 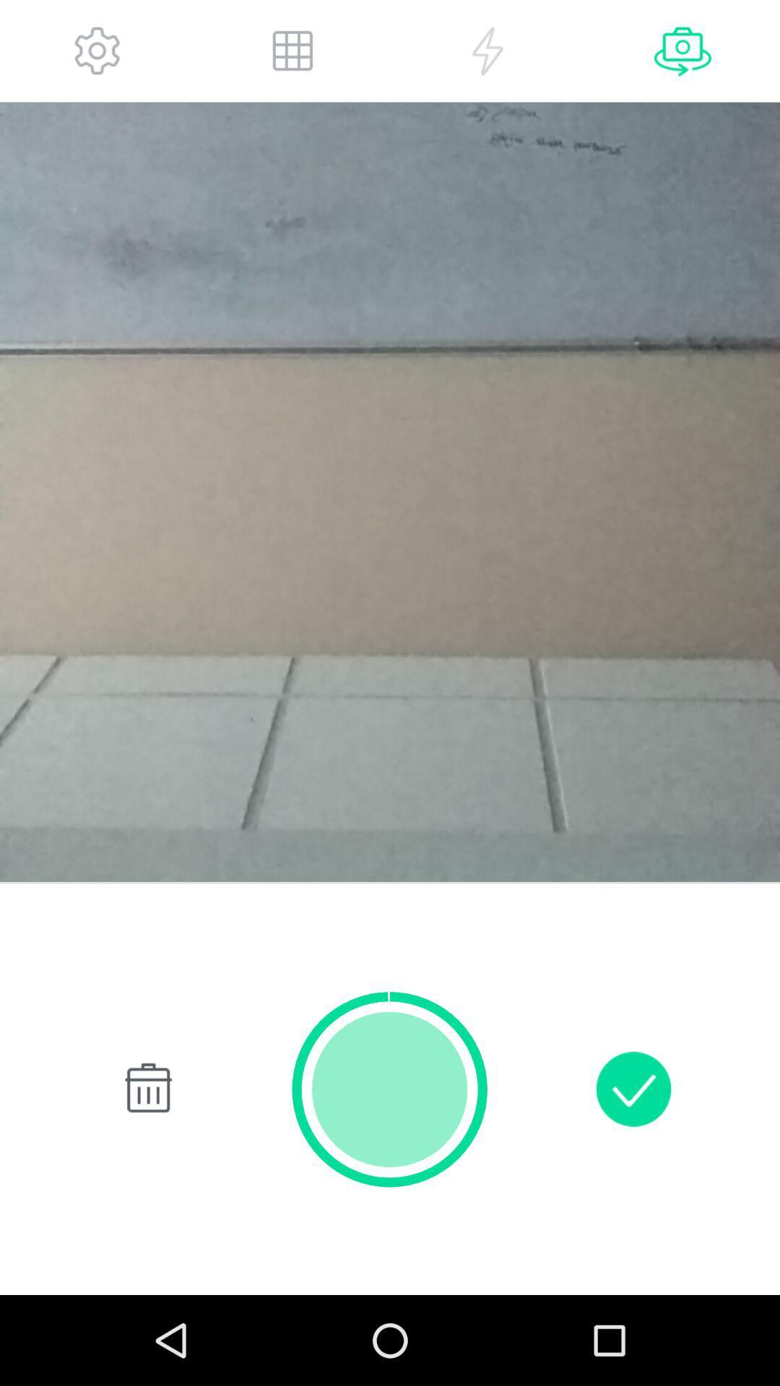 I want to click on the option, so click(x=487, y=51).